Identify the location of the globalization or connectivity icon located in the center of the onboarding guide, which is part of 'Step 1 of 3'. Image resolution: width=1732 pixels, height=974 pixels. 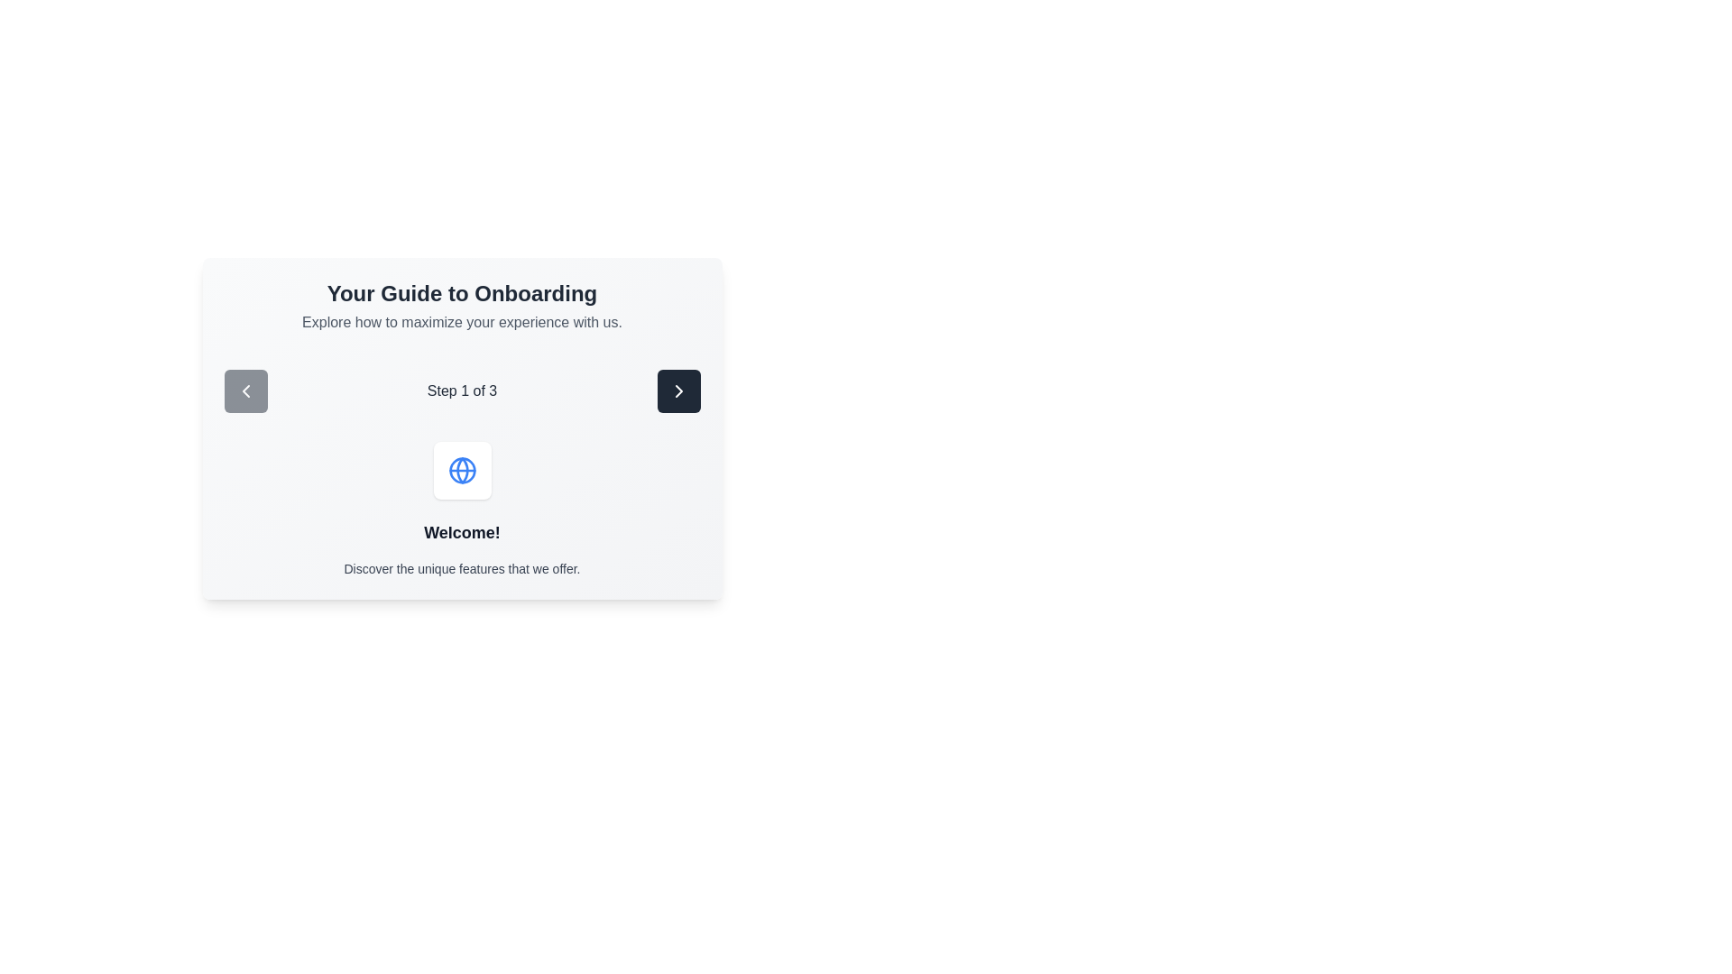
(462, 469).